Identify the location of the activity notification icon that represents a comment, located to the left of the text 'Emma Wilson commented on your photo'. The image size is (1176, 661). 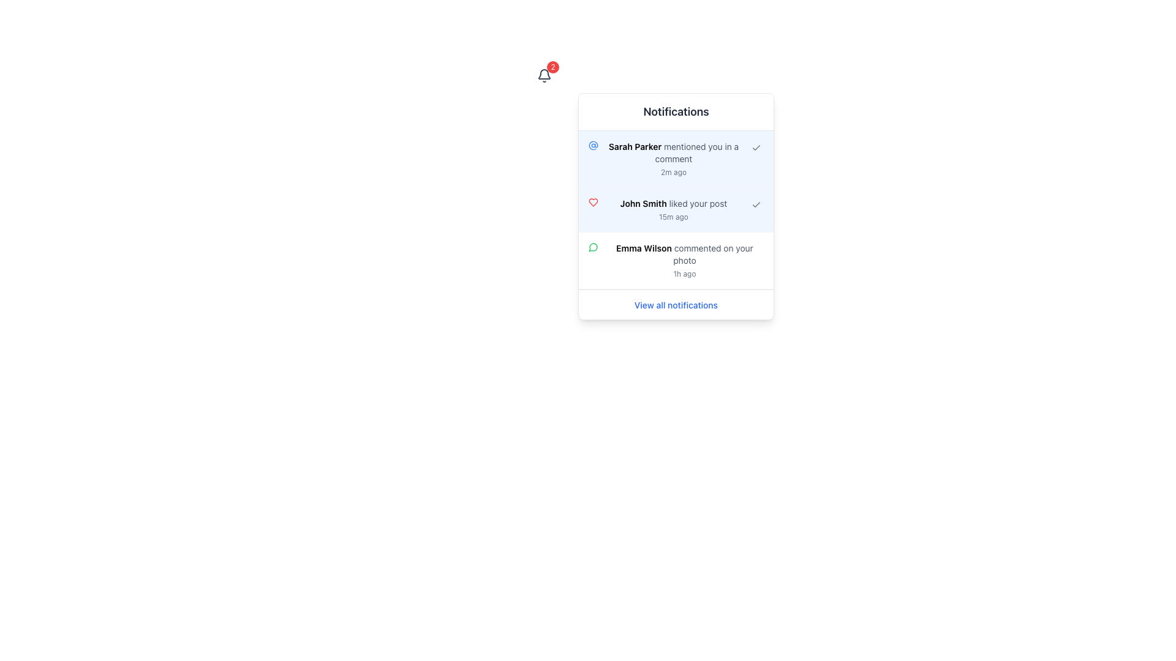
(594, 247).